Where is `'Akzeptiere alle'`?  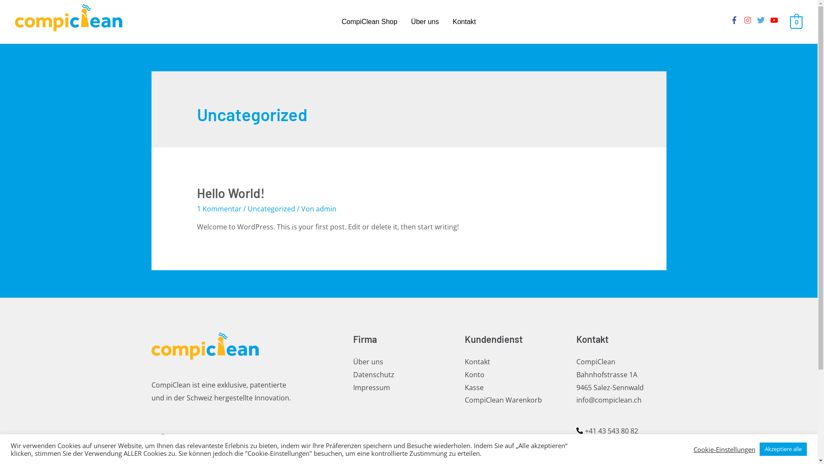
'Akzeptiere alle' is located at coordinates (783, 449).